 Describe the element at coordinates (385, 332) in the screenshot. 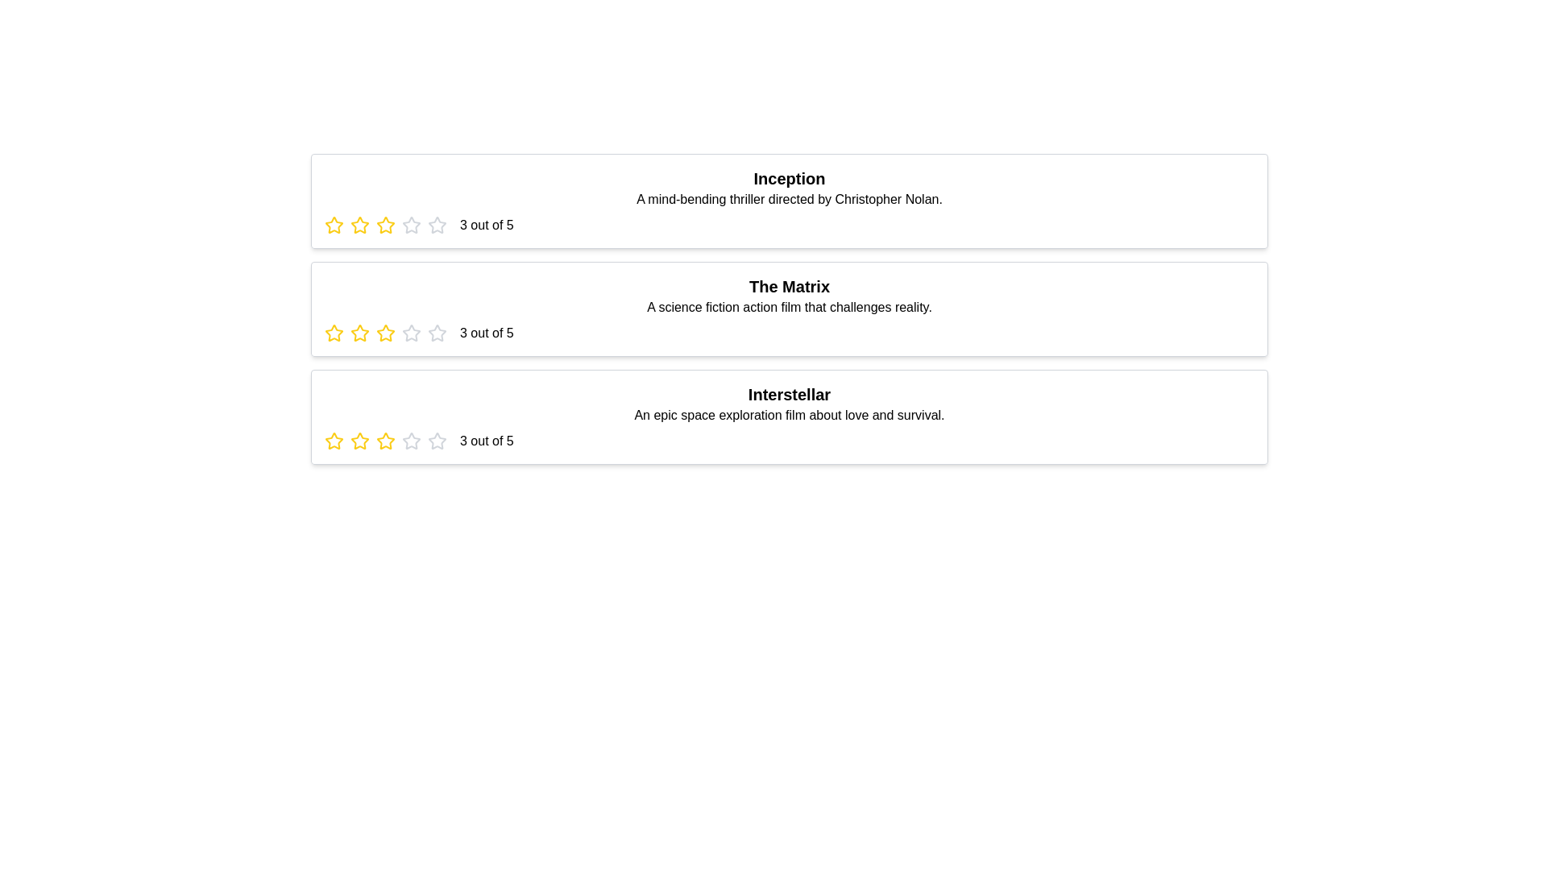

I see `the star corresponding to 3 stars for the movie titled The Matrix` at that location.